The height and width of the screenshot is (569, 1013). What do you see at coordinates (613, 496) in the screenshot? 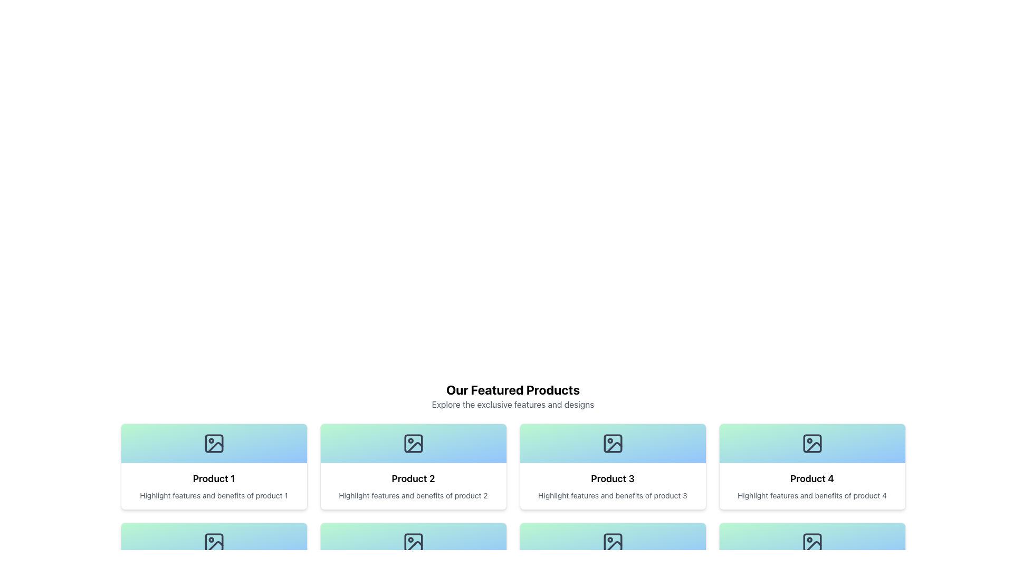
I see `the informational text label that provides a brief description about 'Product 3', located under the 'Product 3' title in the third card of the grid layout` at bounding box center [613, 496].